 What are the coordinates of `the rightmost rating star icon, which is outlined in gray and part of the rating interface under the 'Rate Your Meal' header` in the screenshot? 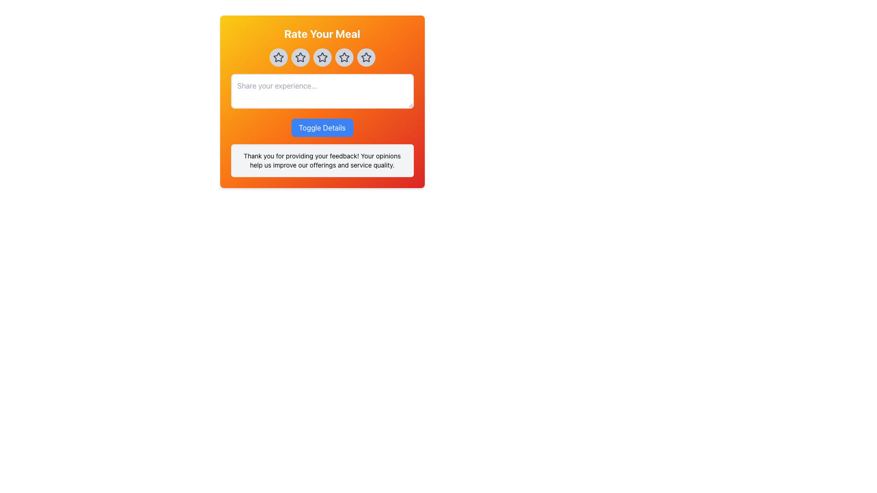 It's located at (366, 58).